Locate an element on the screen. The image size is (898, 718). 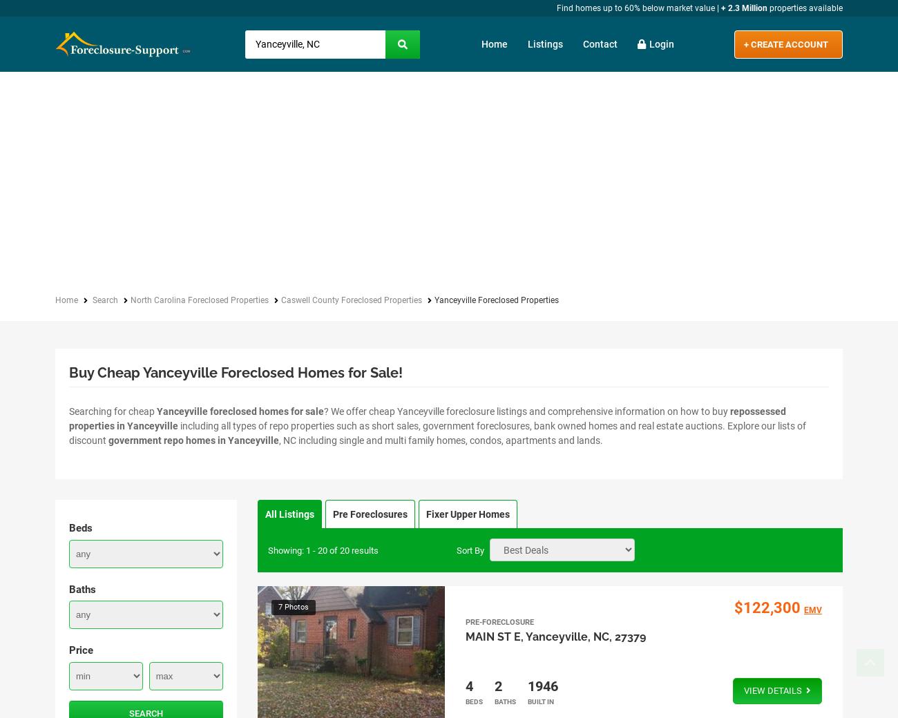
', NC including single and multi family homes, condos, apartments and lands.' is located at coordinates (279, 440).